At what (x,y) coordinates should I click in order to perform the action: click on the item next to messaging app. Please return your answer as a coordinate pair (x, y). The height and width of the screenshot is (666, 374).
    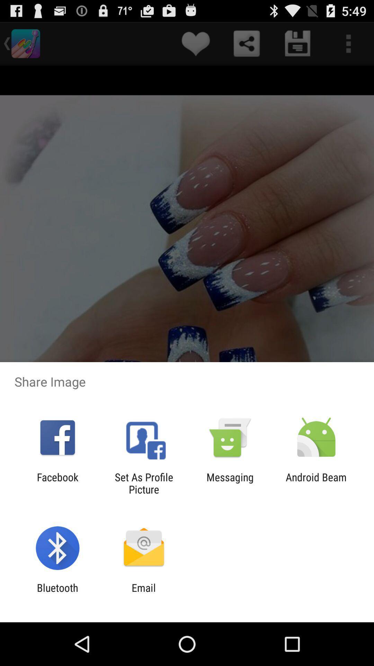
    Looking at the image, I should click on (143, 483).